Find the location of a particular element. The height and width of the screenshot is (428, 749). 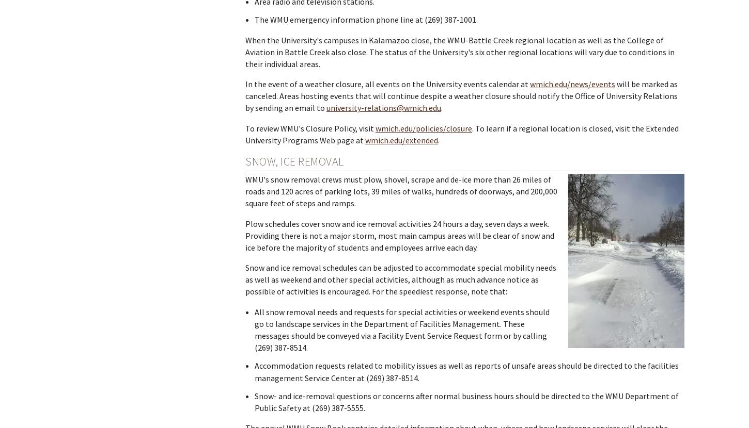

'Accommodation requests related to mobility issues as well as reports of unsafe areas should be directed to the facilities management Service Center at (269) 387-8514.' is located at coordinates (465, 371).